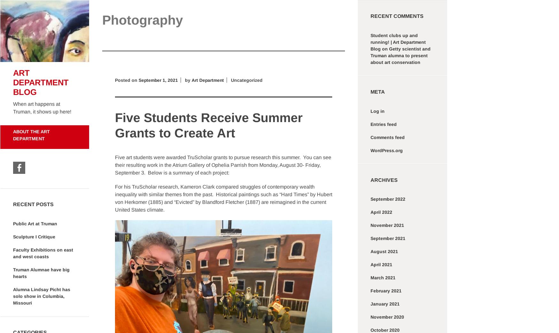 The height and width of the screenshot is (333, 559). I want to click on 'Entries feed', so click(384, 124).